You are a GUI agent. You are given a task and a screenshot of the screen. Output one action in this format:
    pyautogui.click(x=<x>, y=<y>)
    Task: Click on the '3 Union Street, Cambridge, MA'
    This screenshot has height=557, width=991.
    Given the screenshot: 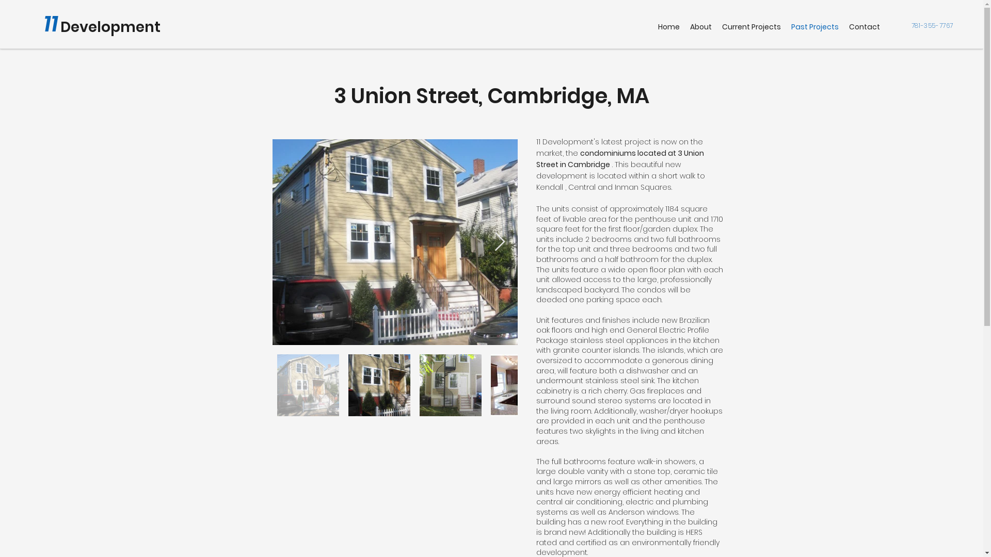 What is the action you would take?
    pyautogui.click(x=491, y=95)
    